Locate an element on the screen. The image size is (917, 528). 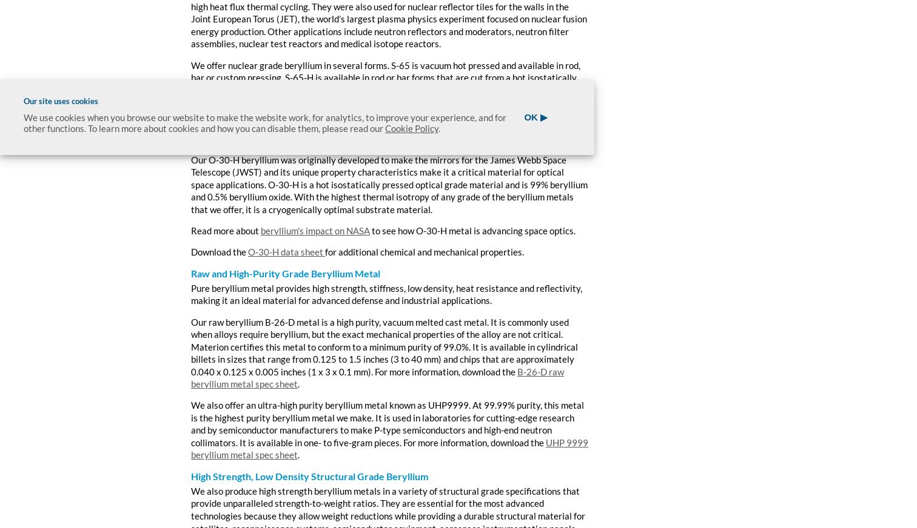
'For more details, download the' is located at coordinates (252, 124).